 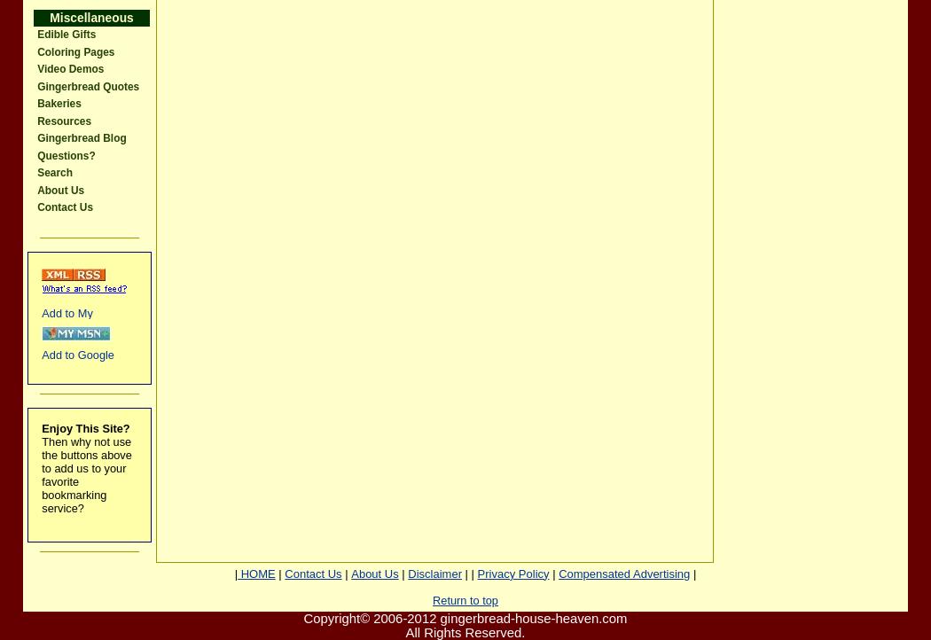 What do you see at coordinates (434, 573) in the screenshot?
I see `'Disclaimer'` at bounding box center [434, 573].